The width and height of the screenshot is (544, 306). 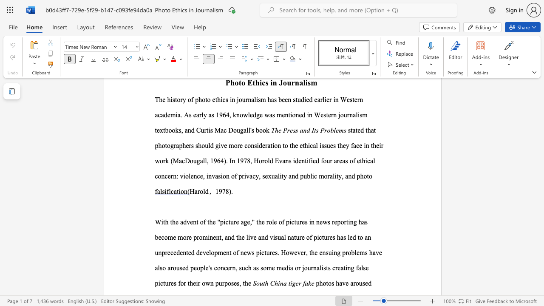 What do you see at coordinates (266, 221) in the screenshot?
I see `the subset text "role of pictures in news reporting has become more prominent, and the live and visual nature of pictures has led to an unprecedented developme" within the text "With the advent of the"` at bounding box center [266, 221].